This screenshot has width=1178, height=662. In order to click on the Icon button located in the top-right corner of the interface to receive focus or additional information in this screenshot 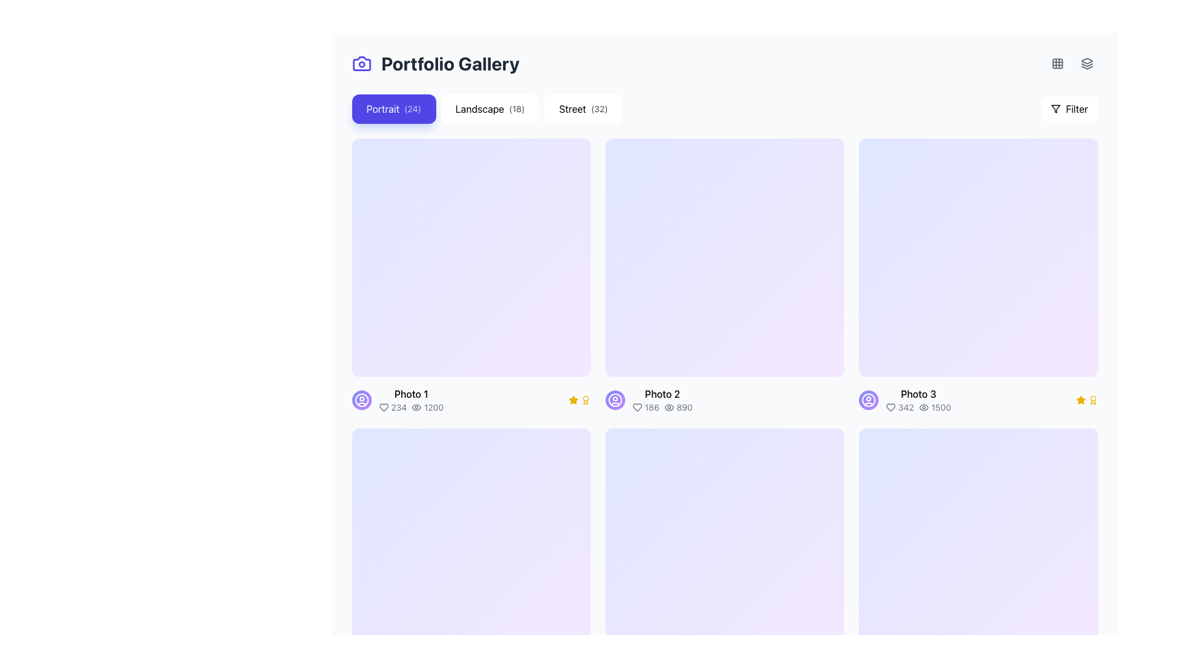, I will do `click(1057, 64)`.